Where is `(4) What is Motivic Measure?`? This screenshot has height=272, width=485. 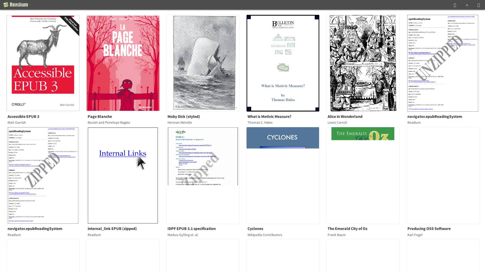 (4) What is Motivic Measure? is located at coordinates (286, 63).